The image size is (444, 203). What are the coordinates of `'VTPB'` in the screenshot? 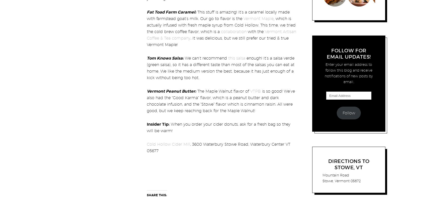 It's located at (255, 91).